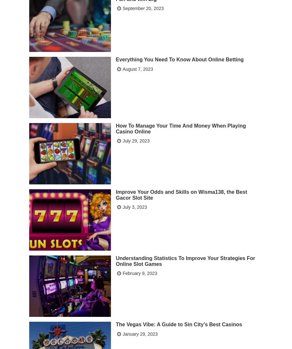  Describe the element at coordinates (116, 128) in the screenshot. I see `'How To Manage Your Time And Money When Playing Casino Online'` at that location.